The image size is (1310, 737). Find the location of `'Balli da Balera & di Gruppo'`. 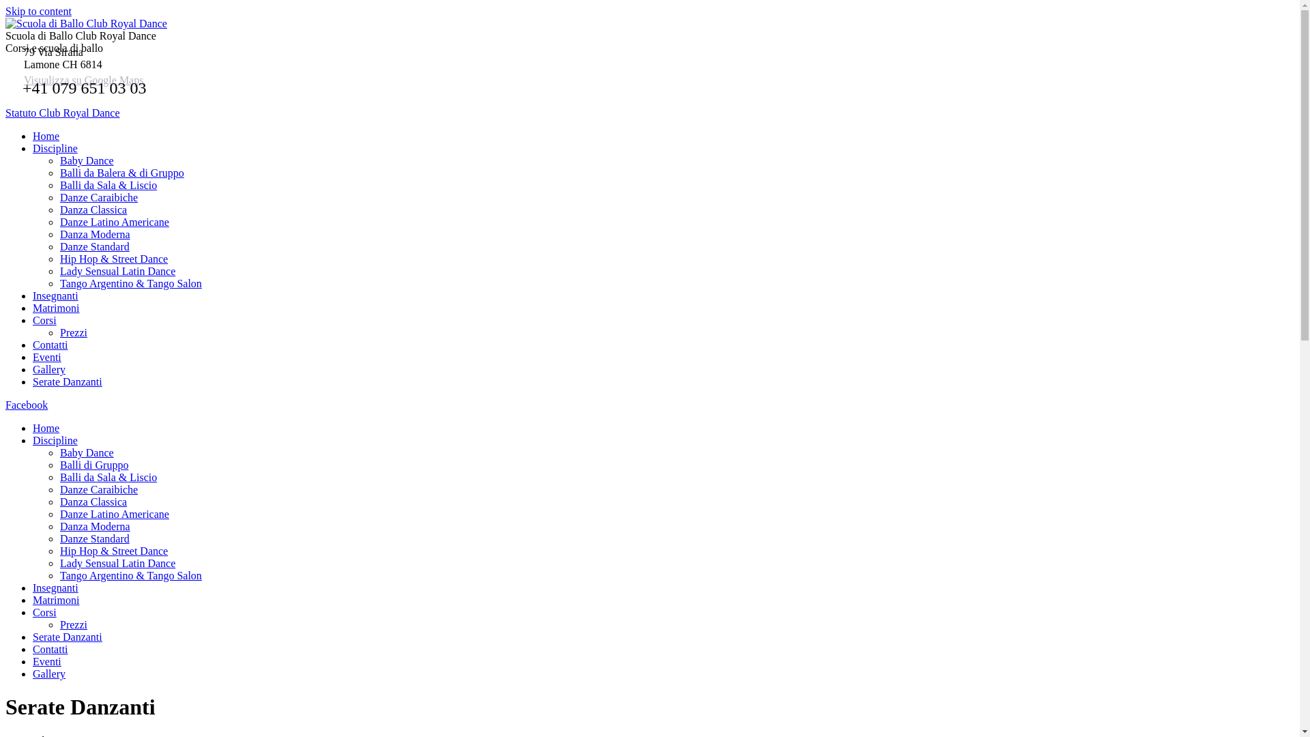

'Balli da Balera & di Gruppo' is located at coordinates (121, 172).